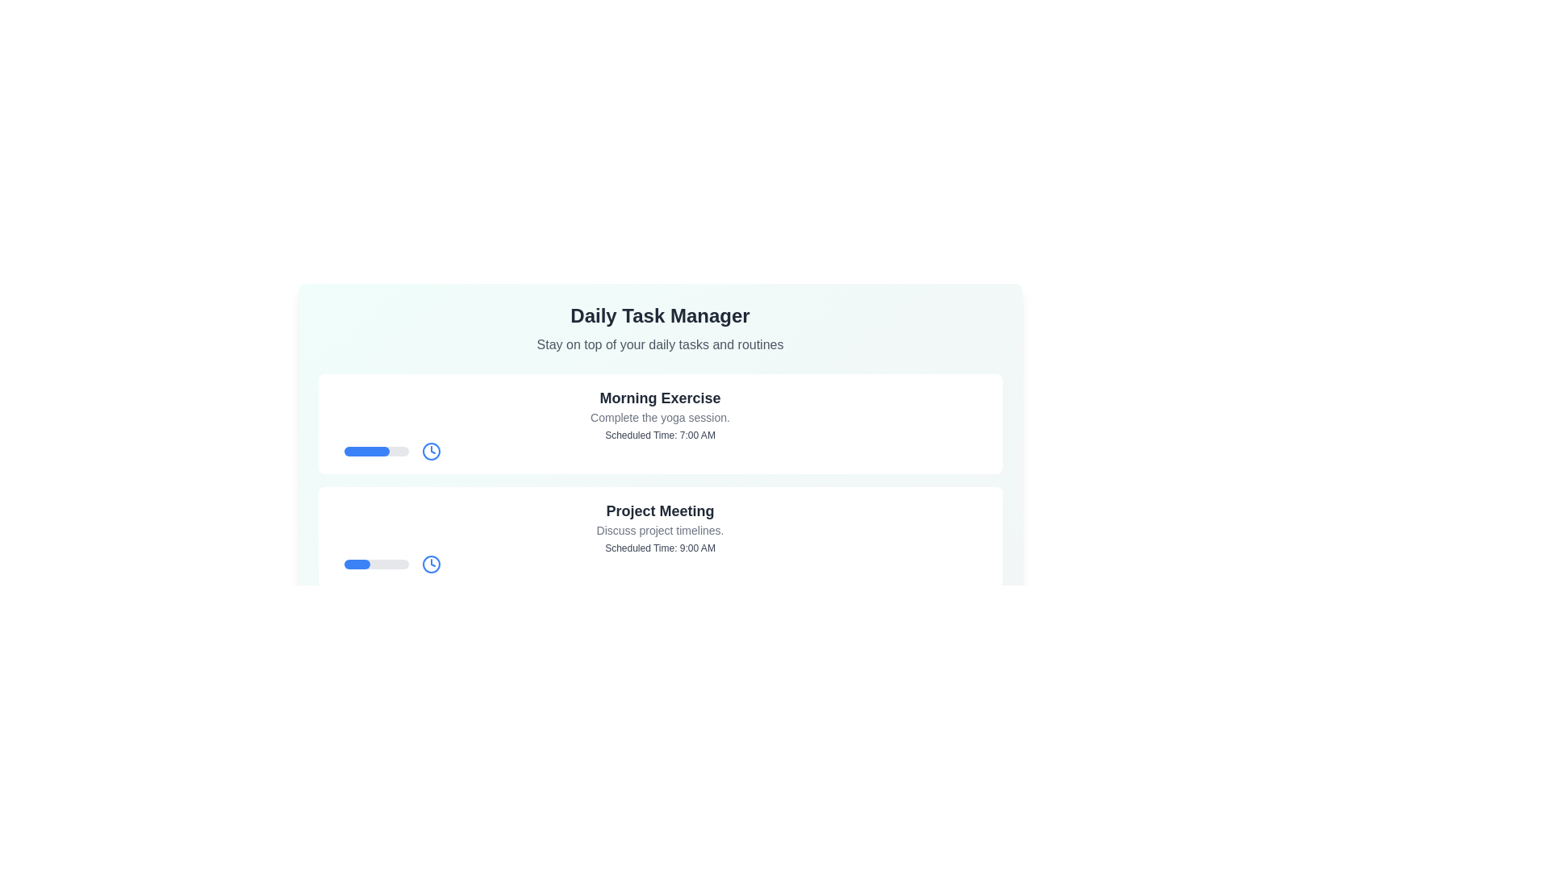 The height and width of the screenshot is (871, 1549). Describe the element at coordinates (660, 328) in the screenshot. I see `text from the Header block displaying 'Daily Task Manager' and the subtitle 'Stay on top of your daily tasks and routines'` at that location.